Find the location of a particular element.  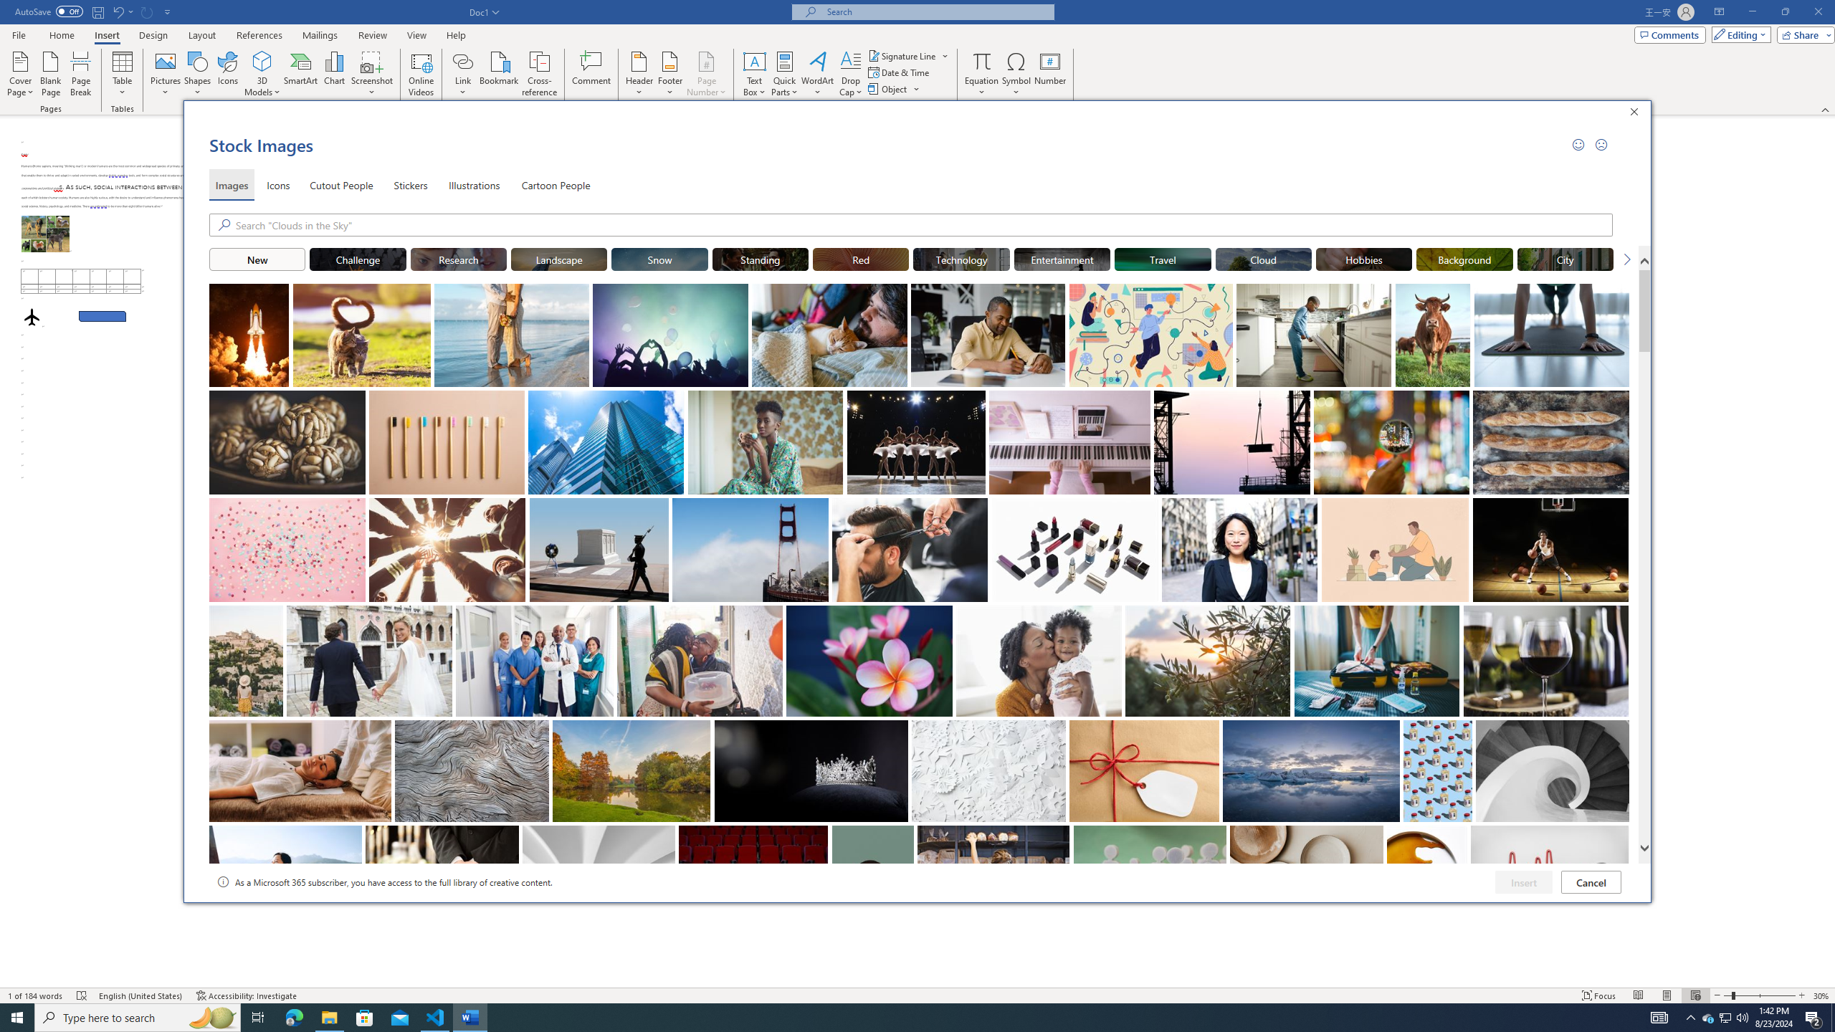

'Airplane with solid fill' is located at coordinates (32, 316).